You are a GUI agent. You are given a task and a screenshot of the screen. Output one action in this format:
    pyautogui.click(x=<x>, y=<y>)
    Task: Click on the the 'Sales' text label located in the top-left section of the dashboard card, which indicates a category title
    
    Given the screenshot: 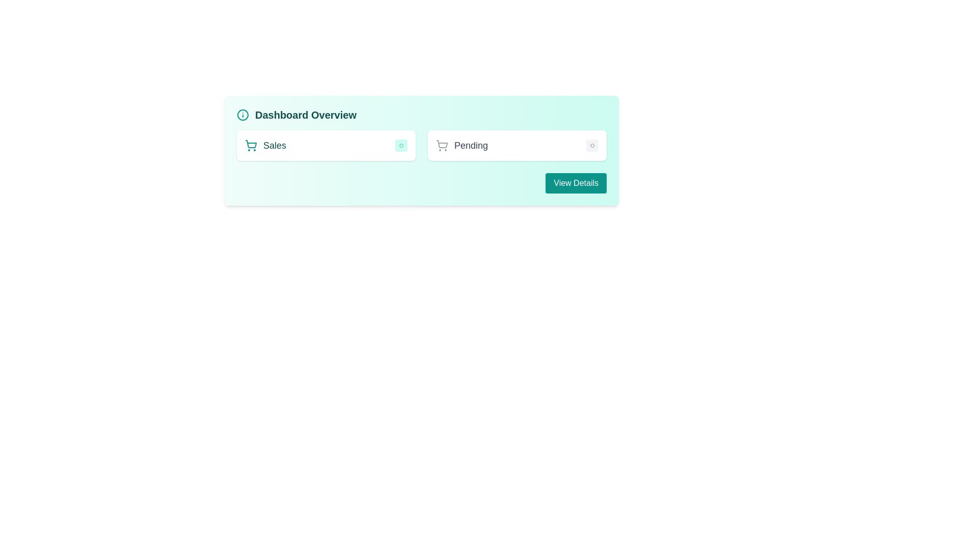 What is the action you would take?
    pyautogui.click(x=275, y=145)
    